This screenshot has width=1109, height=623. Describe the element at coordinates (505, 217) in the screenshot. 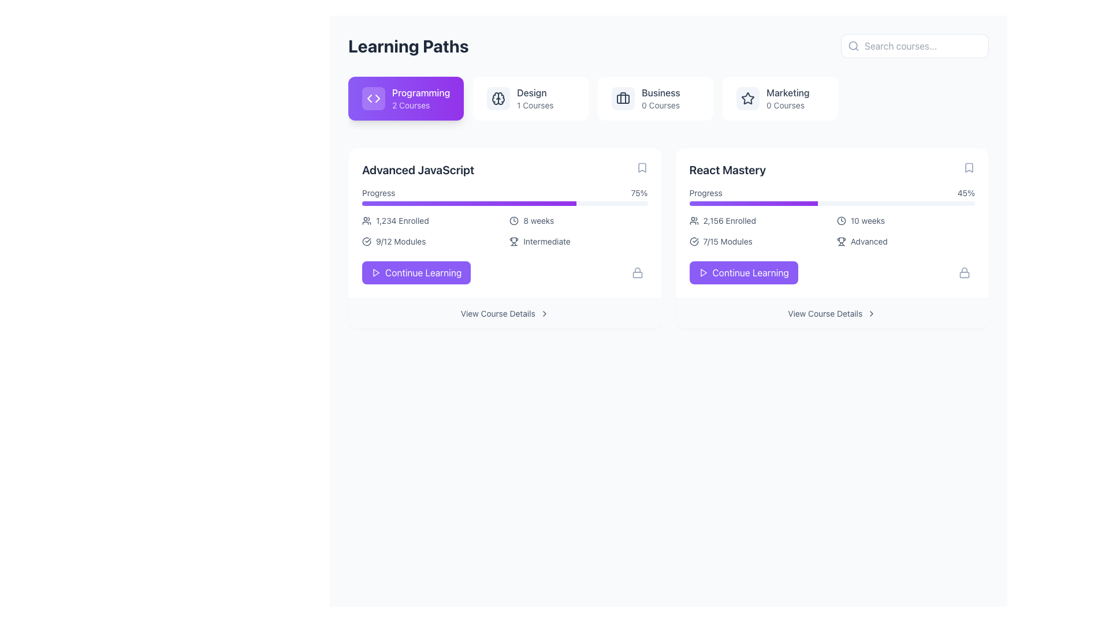

I see `the Information Panel for the 'Advanced JavaScript' course, which displays progress and course details such as enrolled users and modules completed` at that location.